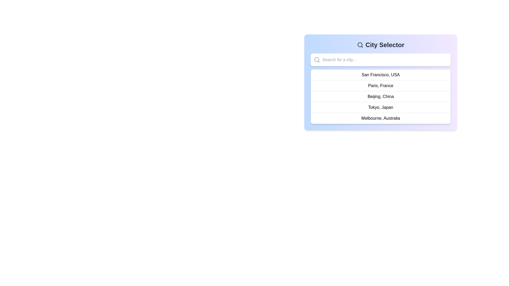 This screenshot has width=509, height=286. What do you see at coordinates (380, 85) in the screenshot?
I see `the dropdown menu option displaying 'Paris, France', which is the second option in the list` at bounding box center [380, 85].